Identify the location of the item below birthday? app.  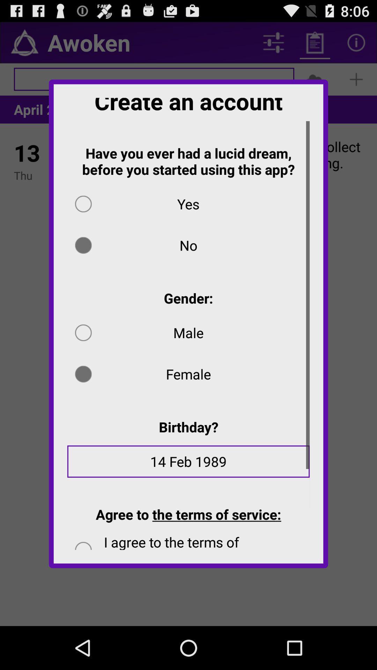
(188, 466).